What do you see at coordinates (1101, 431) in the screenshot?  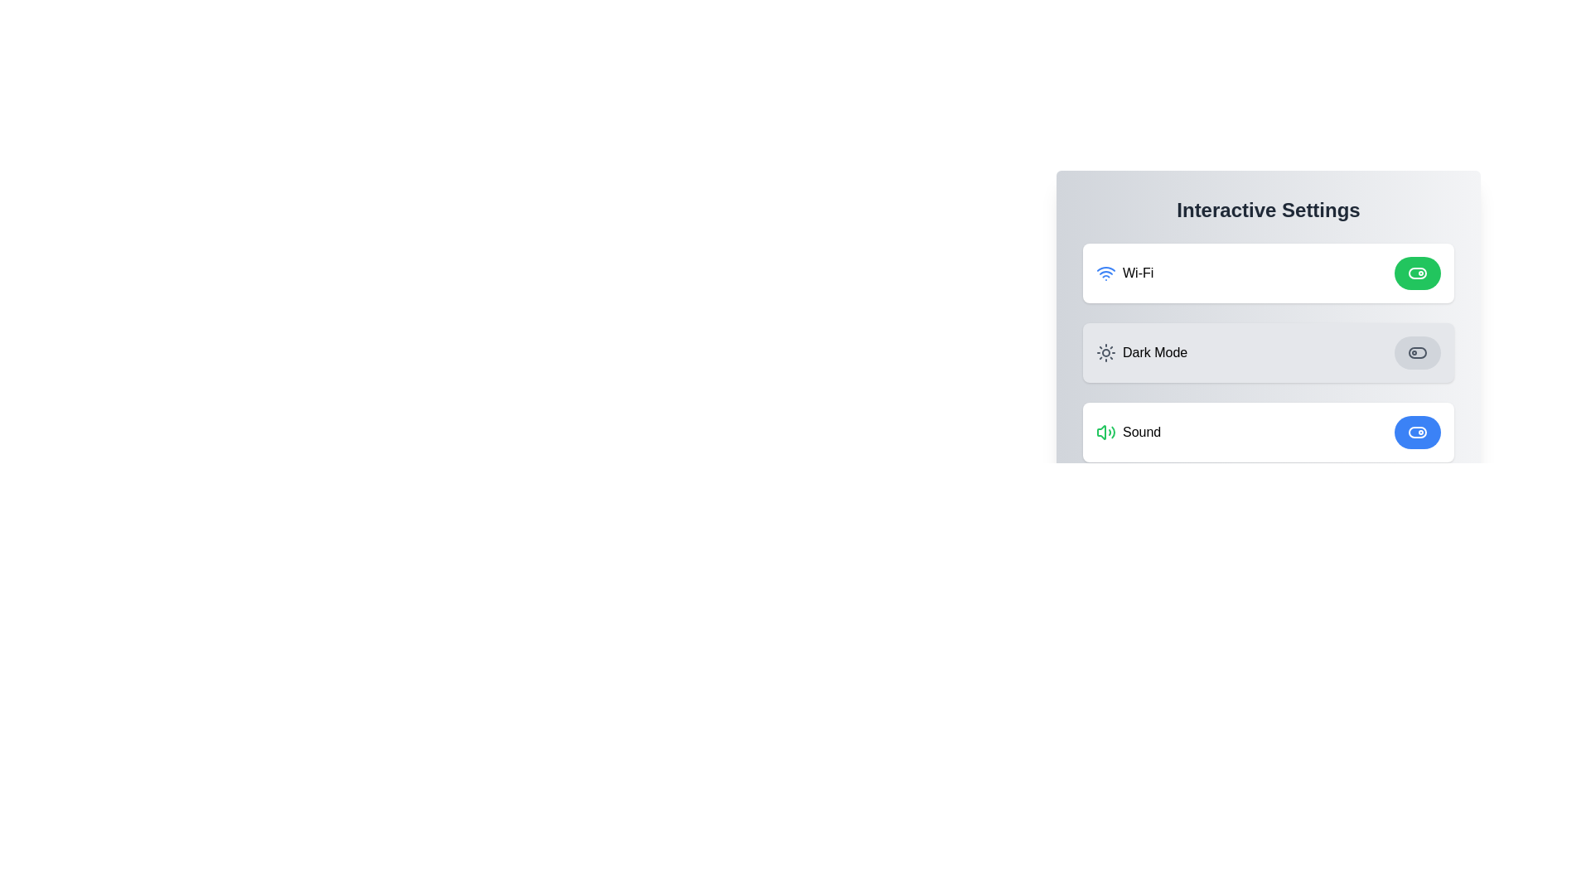 I see `the speaker icon within the 'Sound' settings, which features a green background and a central speaker-like design` at bounding box center [1101, 431].